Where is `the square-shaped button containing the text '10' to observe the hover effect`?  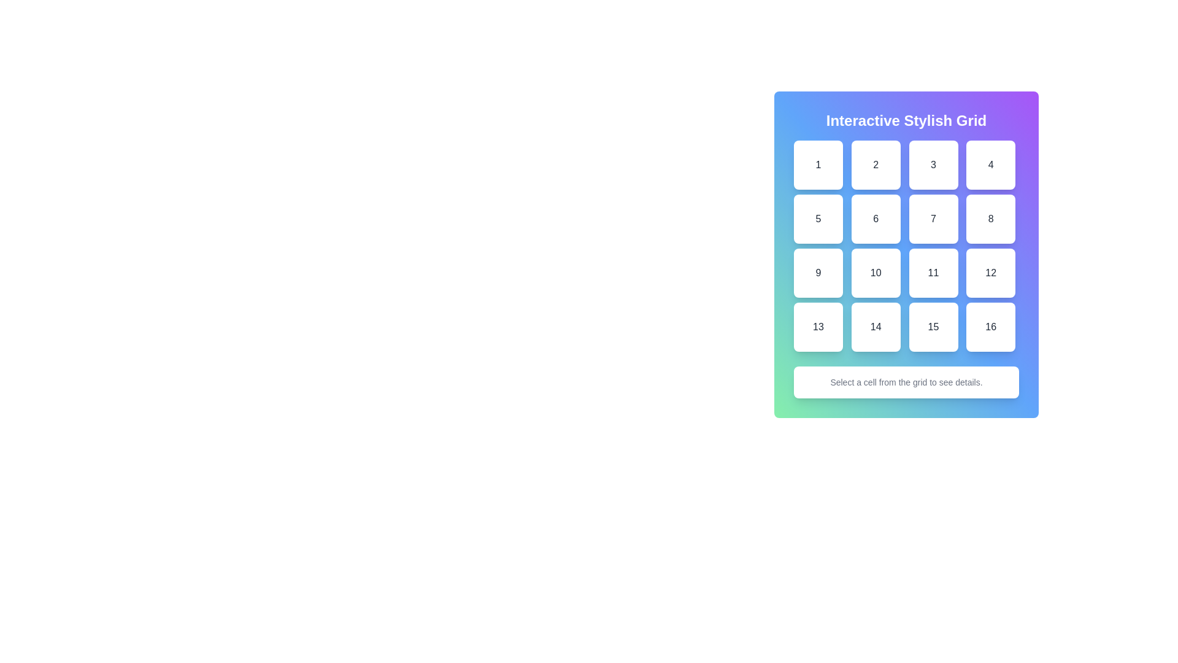 the square-shaped button containing the text '10' to observe the hover effect is located at coordinates (875, 272).